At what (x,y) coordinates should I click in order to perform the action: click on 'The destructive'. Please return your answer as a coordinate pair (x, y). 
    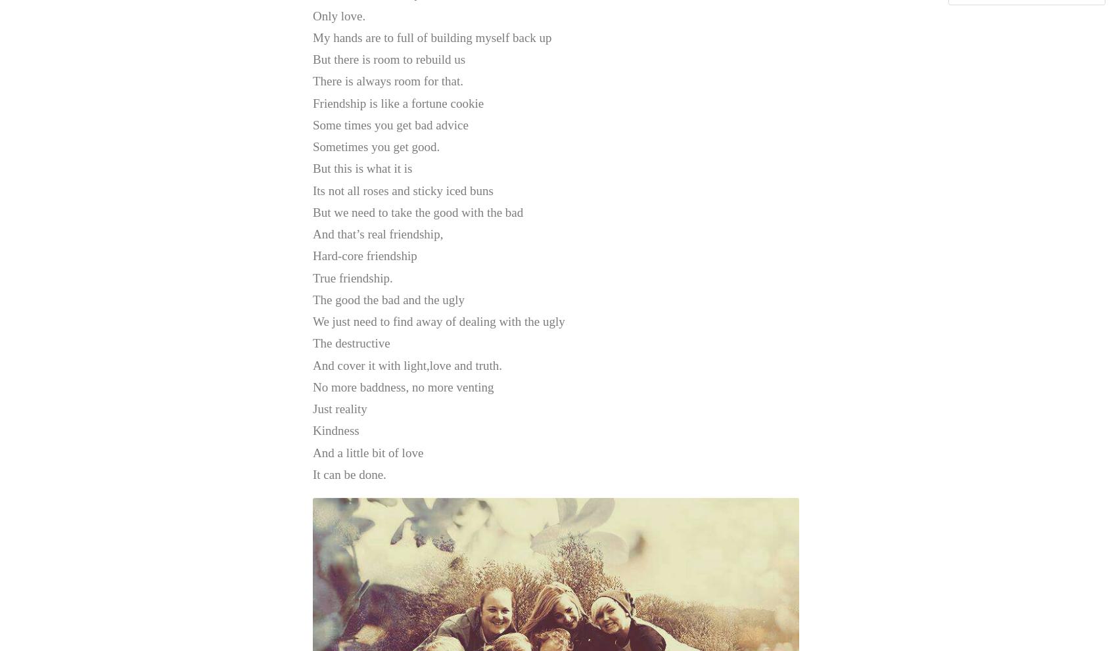
    Looking at the image, I should click on (351, 343).